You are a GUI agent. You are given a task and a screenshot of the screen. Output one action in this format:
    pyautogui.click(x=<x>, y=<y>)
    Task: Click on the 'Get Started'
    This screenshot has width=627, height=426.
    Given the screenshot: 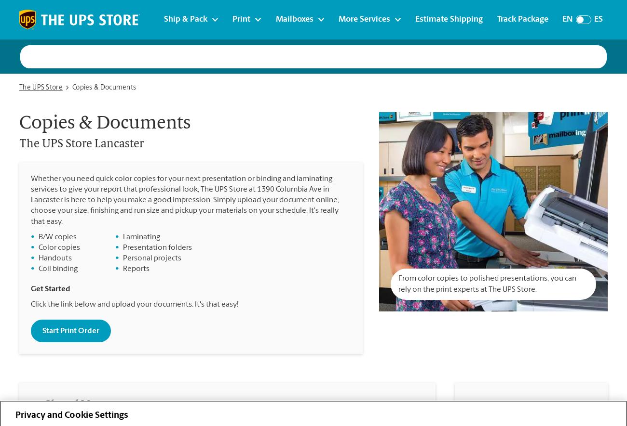 What is the action you would take?
    pyautogui.click(x=51, y=289)
    